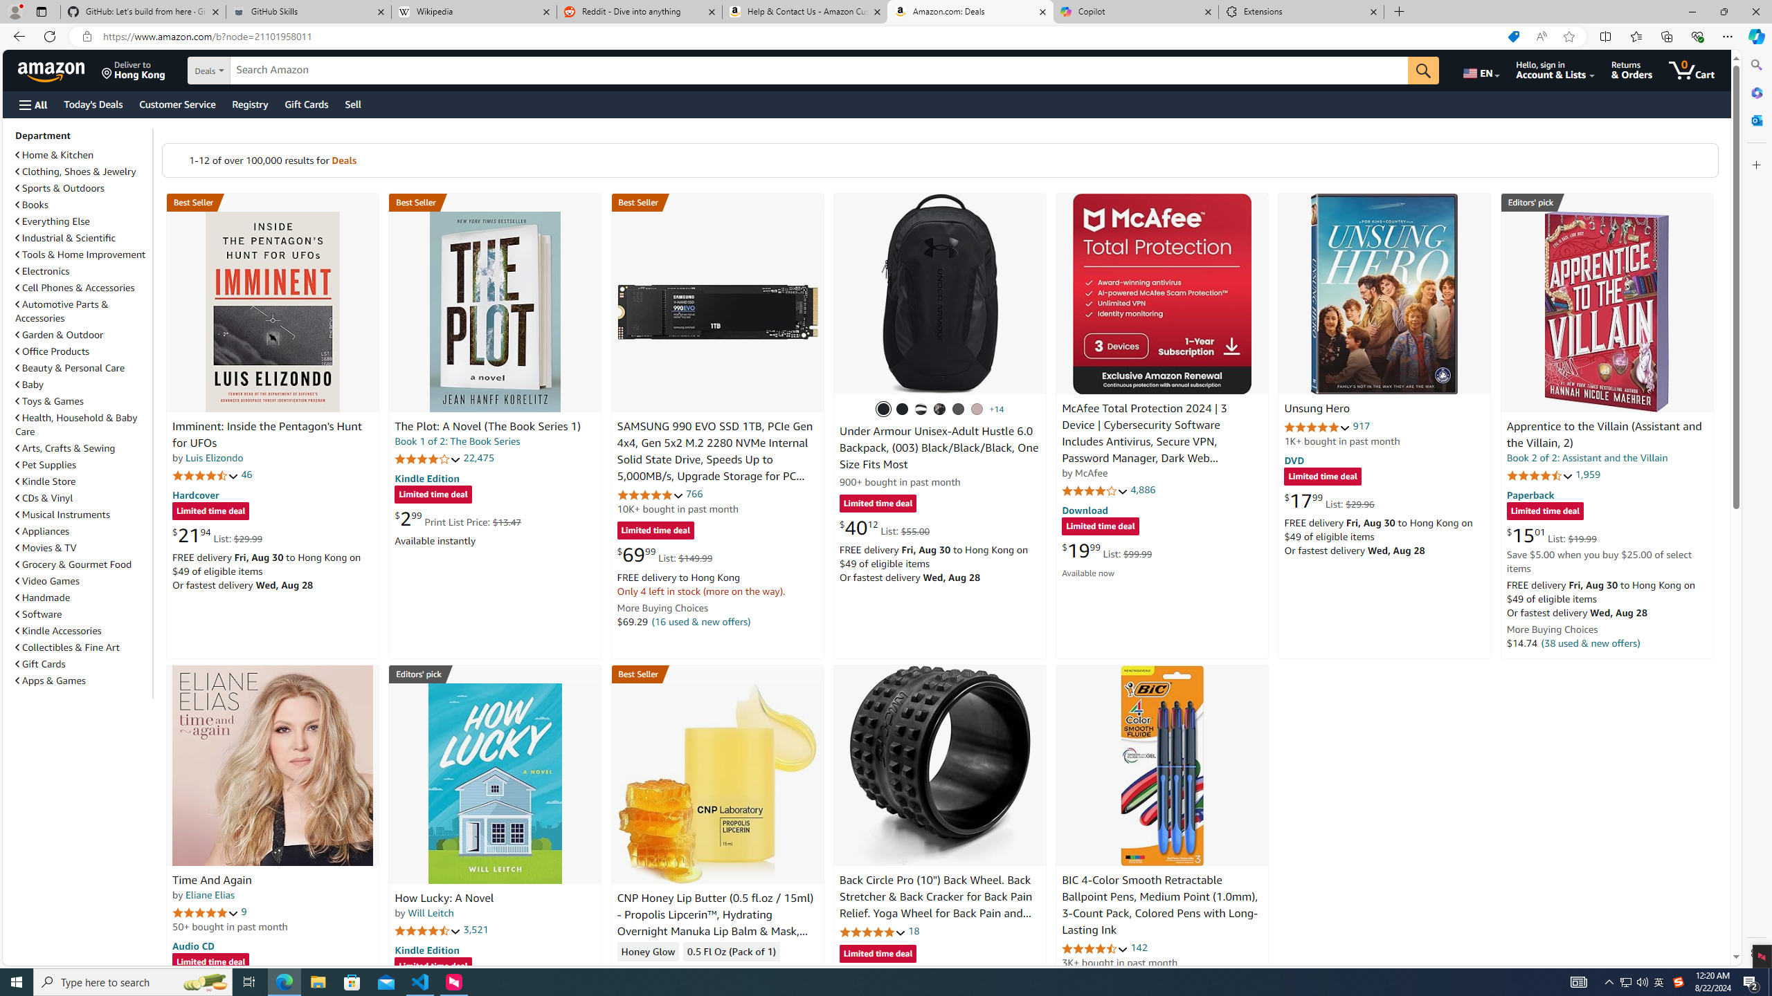 Image resolution: width=1772 pixels, height=996 pixels. I want to click on '$21.94 List: $29.99', so click(217, 535).